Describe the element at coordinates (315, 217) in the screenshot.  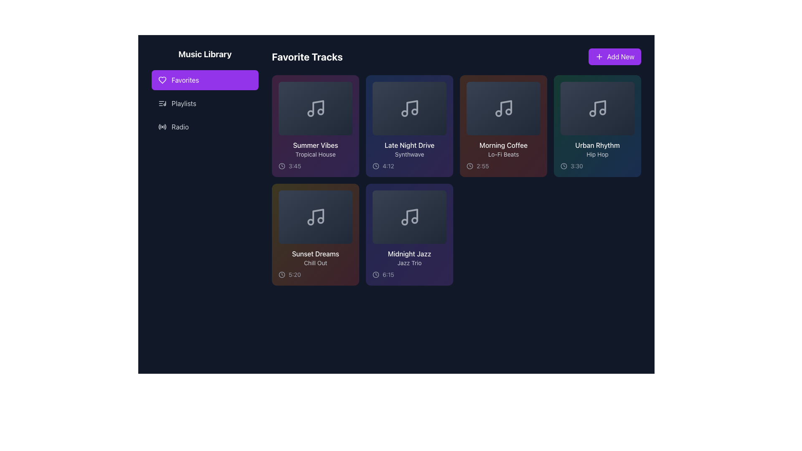
I see `the 'Sunset Dreams' music icon, which is a static visual component located in the grid under the 'Favorite Tracks' heading` at that location.